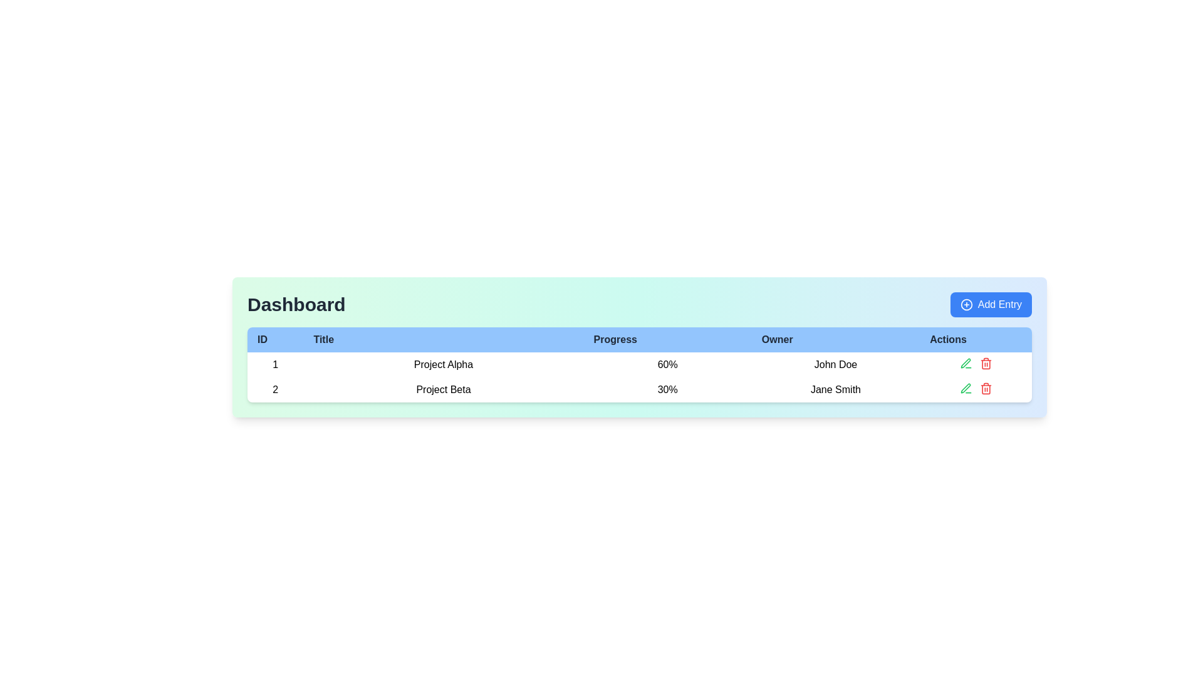  What do you see at coordinates (667, 364) in the screenshot?
I see `the progress percentage display for 'Project Alpha' in the 'Progress' column of the first data row` at bounding box center [667, 364].